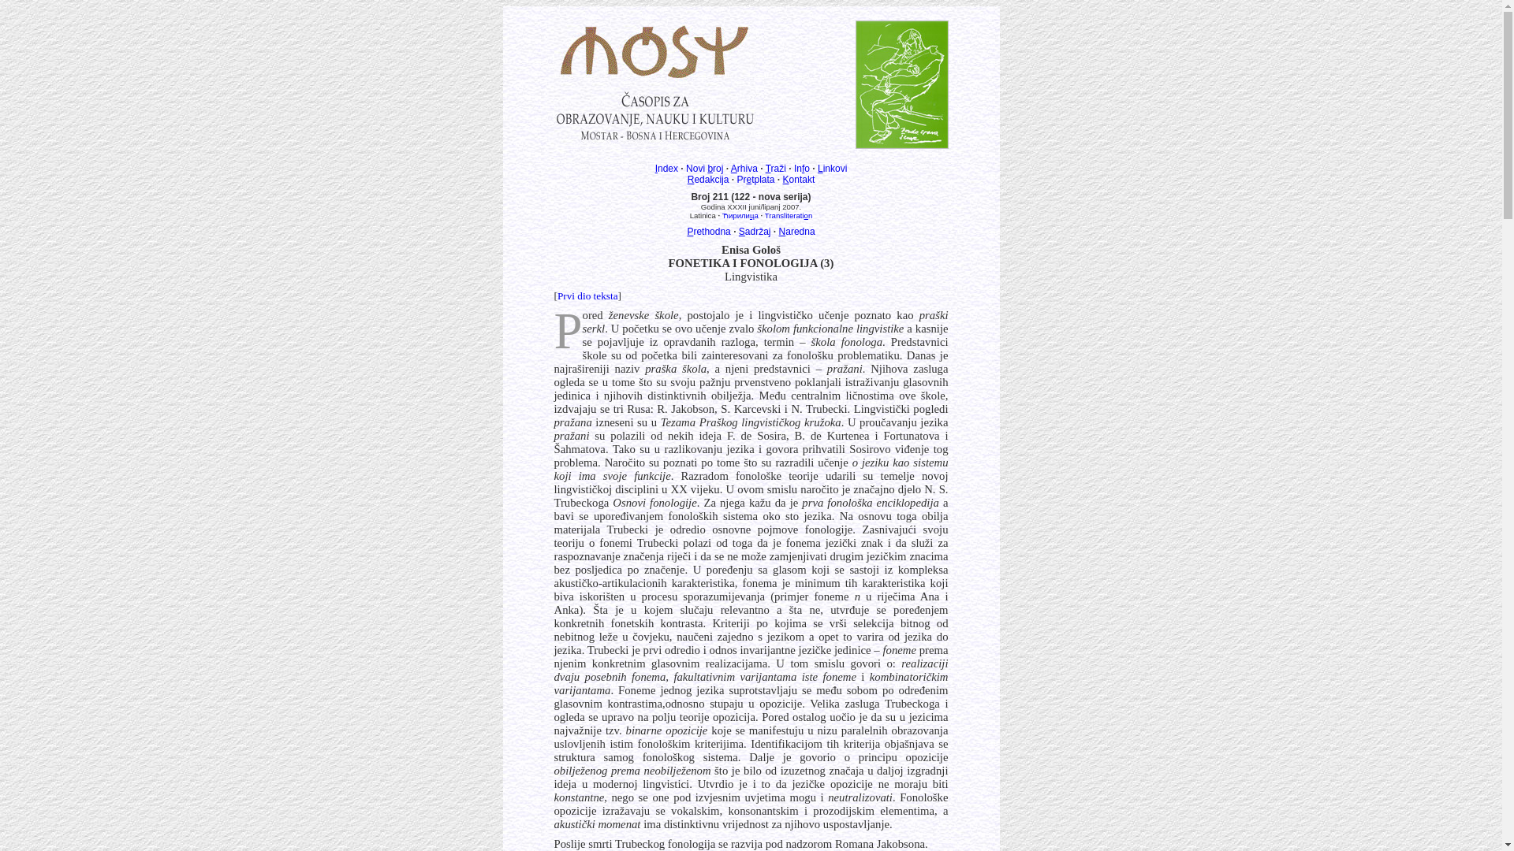 The width and height of the screenshot is (1514, 851). Describe the element at coordinates (744, 168) in the screenshot. I see `'Arhiva'` at that location.